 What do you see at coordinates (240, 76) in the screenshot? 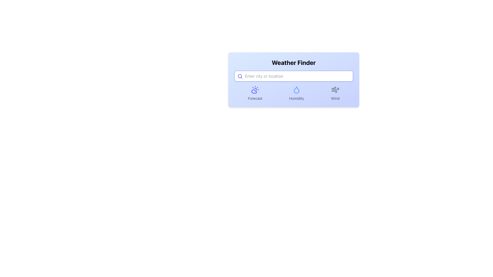
I see `the magnifying glass icon representing the search functionality, located in the text input field before the placeholder text 'Enter city or location' in the Weather Finder interface` at bounding box center [240, 76].